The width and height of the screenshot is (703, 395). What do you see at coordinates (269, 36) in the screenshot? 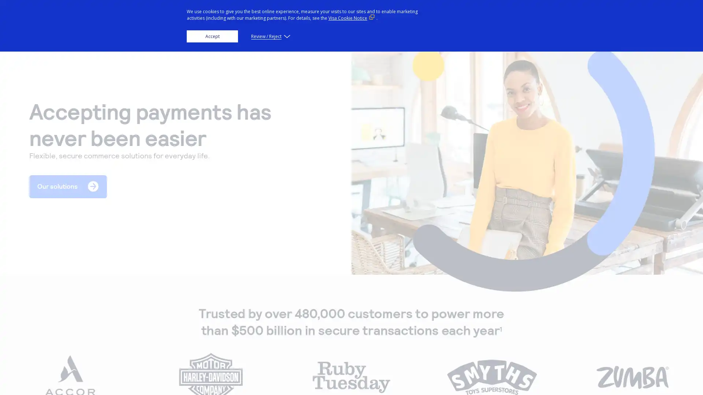
I see `Review / Reject` at bounding box center [269, 36].